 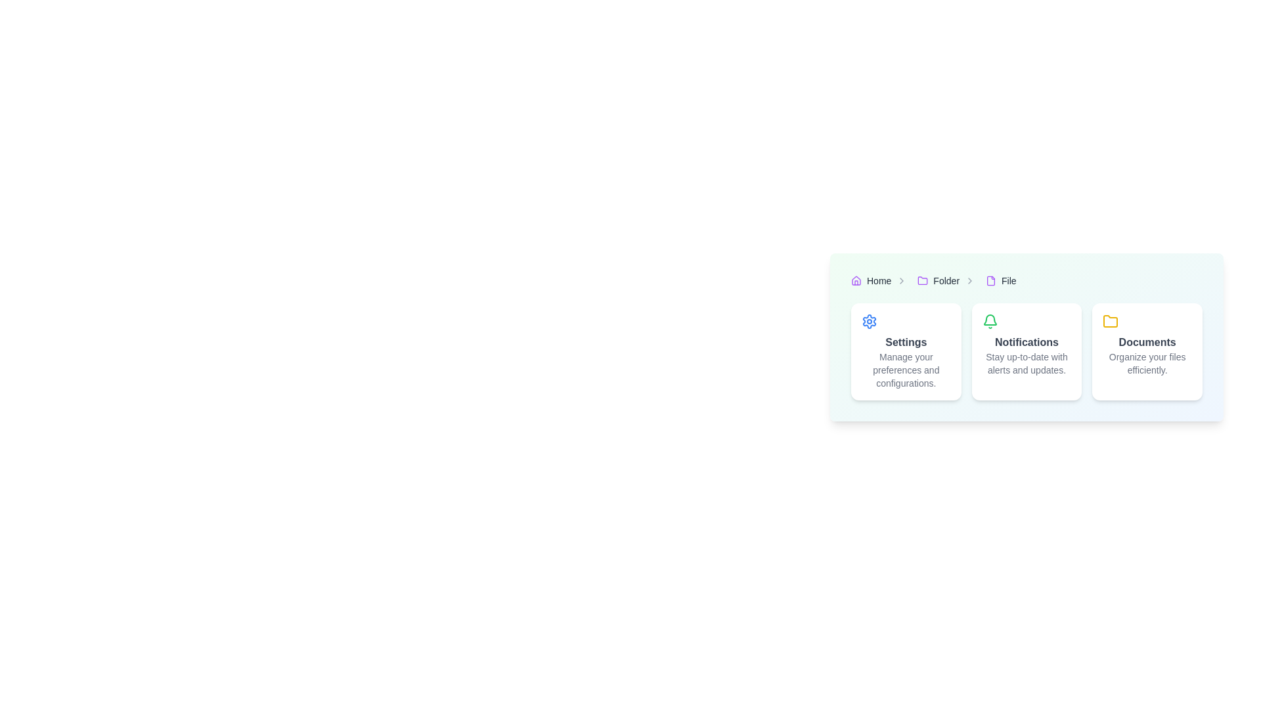 I want to click on the folder icon in the breadcrumb navigation bar, located between the 'Home' and 'File' labels, so click(x=922, y=280).